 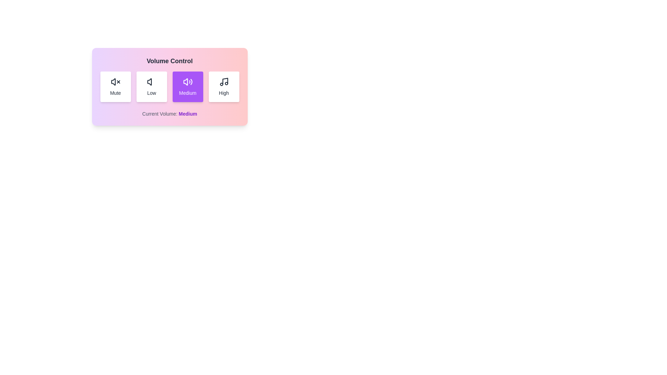 I want to click on the low button to observe the hover effect, so click(x=151, y=86).